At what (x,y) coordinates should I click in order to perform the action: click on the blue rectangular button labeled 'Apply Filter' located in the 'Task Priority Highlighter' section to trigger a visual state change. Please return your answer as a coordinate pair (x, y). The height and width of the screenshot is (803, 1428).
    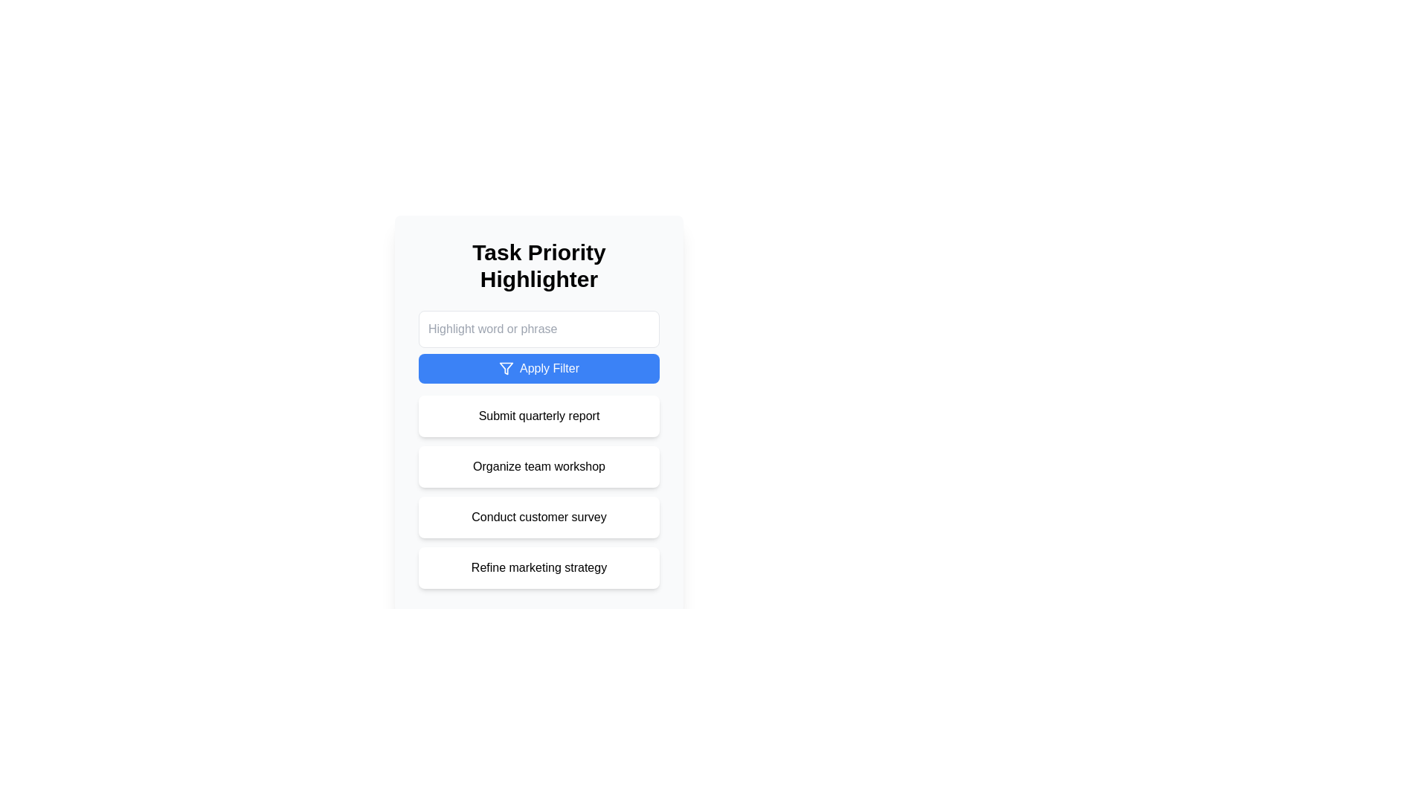
    Looking at the image, I should click on (538, 346).